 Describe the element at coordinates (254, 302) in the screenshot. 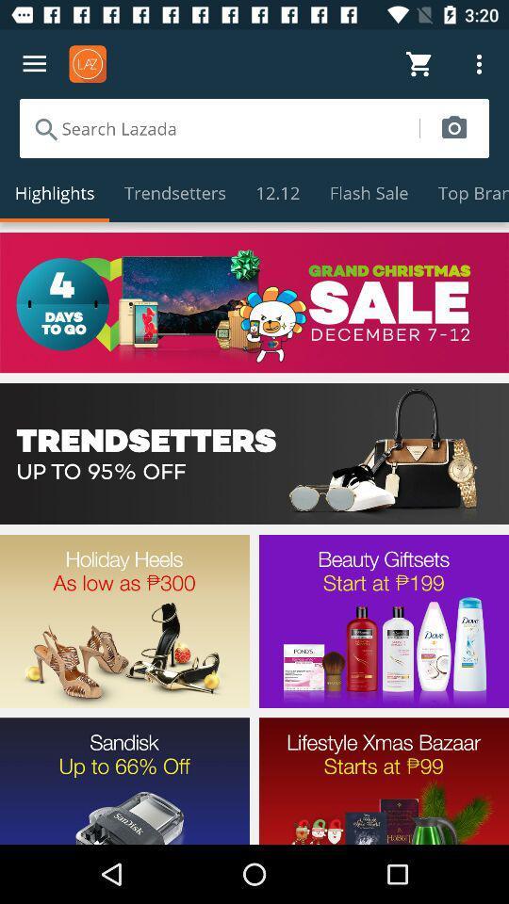

I see `first advertisement` at that location.